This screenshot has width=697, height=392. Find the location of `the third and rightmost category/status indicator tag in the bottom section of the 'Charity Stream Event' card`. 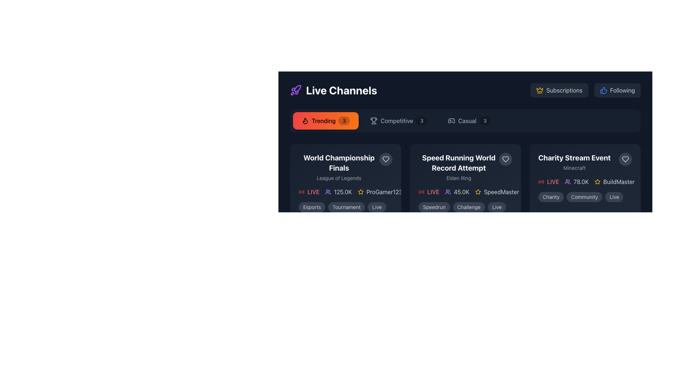

the third and rightmost category/status indicator tag in the bottom section of the 'Charity Stream Event' card is located at coordinates (614, 197).